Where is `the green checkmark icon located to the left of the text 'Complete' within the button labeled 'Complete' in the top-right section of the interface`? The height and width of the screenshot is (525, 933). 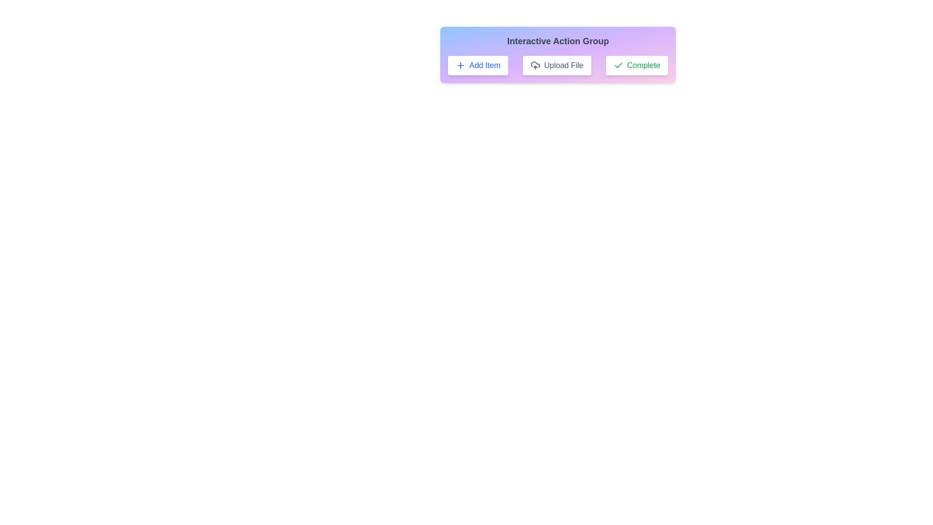
the green checkmark icon located to the left of the text 'Complete' within the button labeled 'Complete' in the top-right section of the interface is located at coordinates (618, 66).